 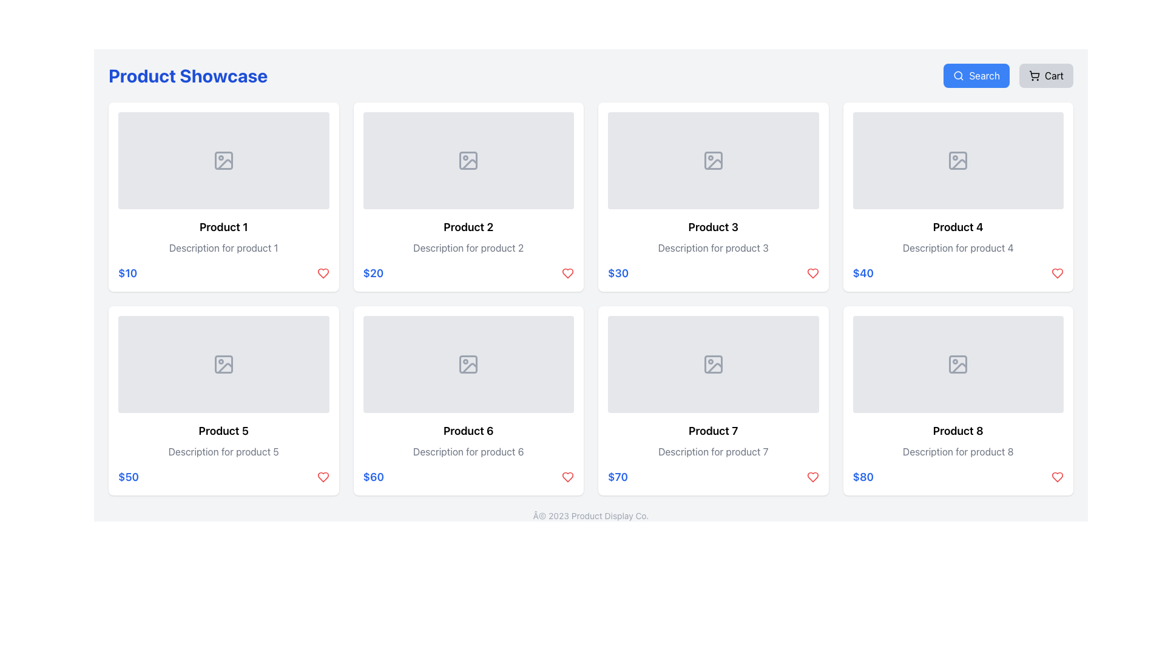 I want to click on the image placeholder for 'Product 6', located at the top section of the card in the second row, second column of the grid, so click(x=468, y=364).